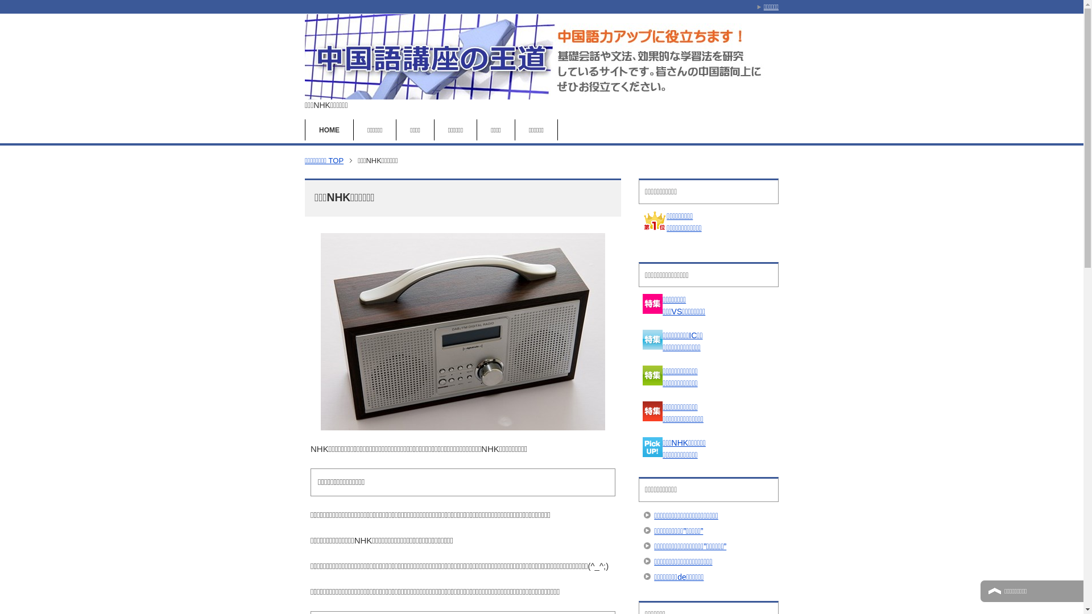 This screenshot has height=614, width=1092. What do you see at coordinates (329, 129) in the screenshot?
I see `'HOME'` at bounding box center [329, 129].